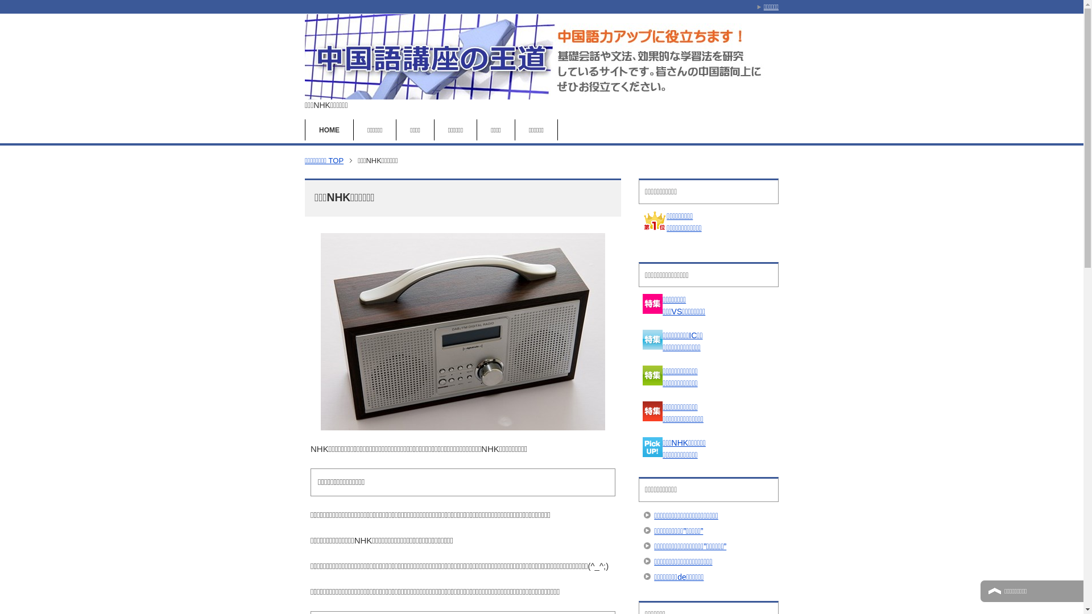 This screenshot has height=614, width=1092. What do you see at coordinates (329, 129) in the screenshot?
I see `'HOME'` at bounding box center [329, 129].